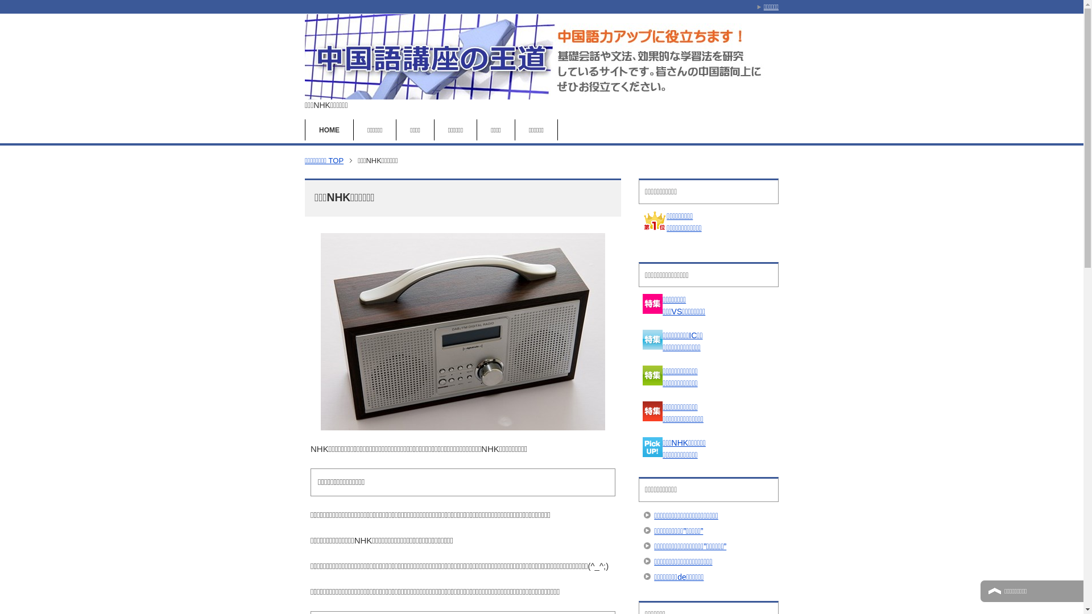 This screenshot has height=614, width=1092. What do you see at coordinates (329, 129) in the screenshot?
I see `'HOME'` at bounding box center [329, 129].